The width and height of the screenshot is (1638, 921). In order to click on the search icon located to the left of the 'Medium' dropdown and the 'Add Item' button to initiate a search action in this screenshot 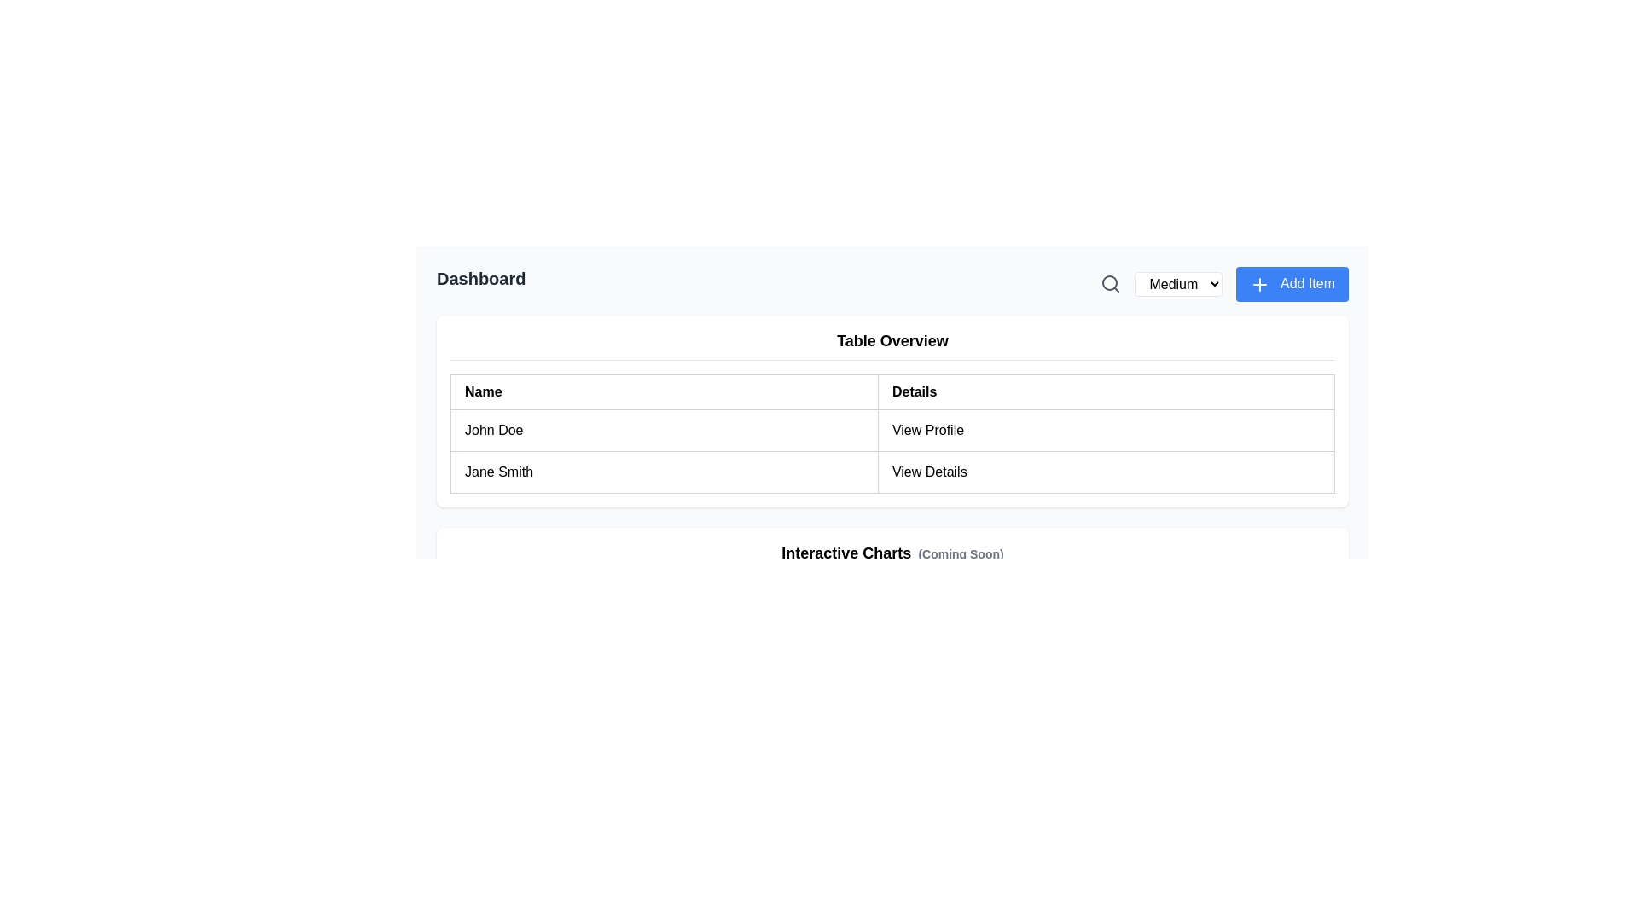, I will do `click(1111, 283)`.